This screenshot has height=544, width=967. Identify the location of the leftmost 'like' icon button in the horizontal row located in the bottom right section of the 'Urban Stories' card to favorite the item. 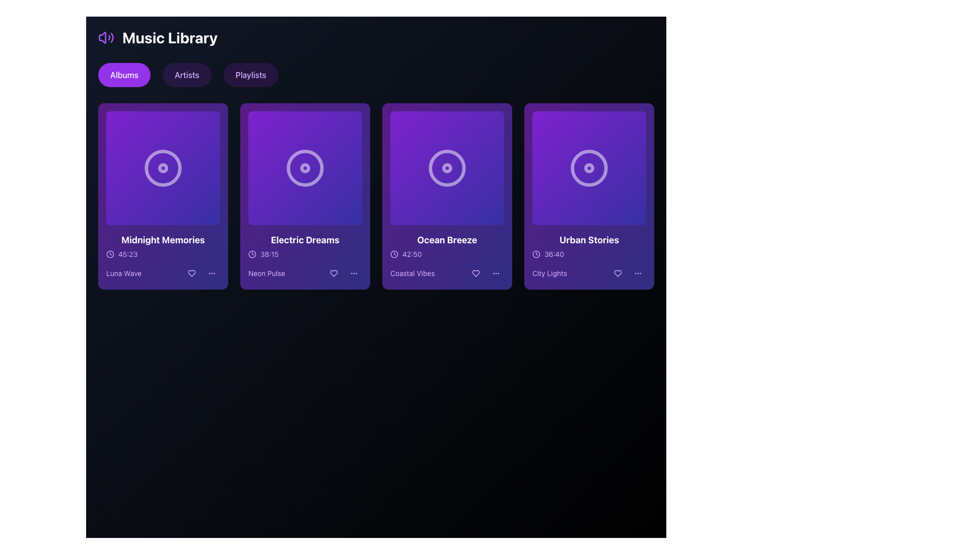
(617, 274).